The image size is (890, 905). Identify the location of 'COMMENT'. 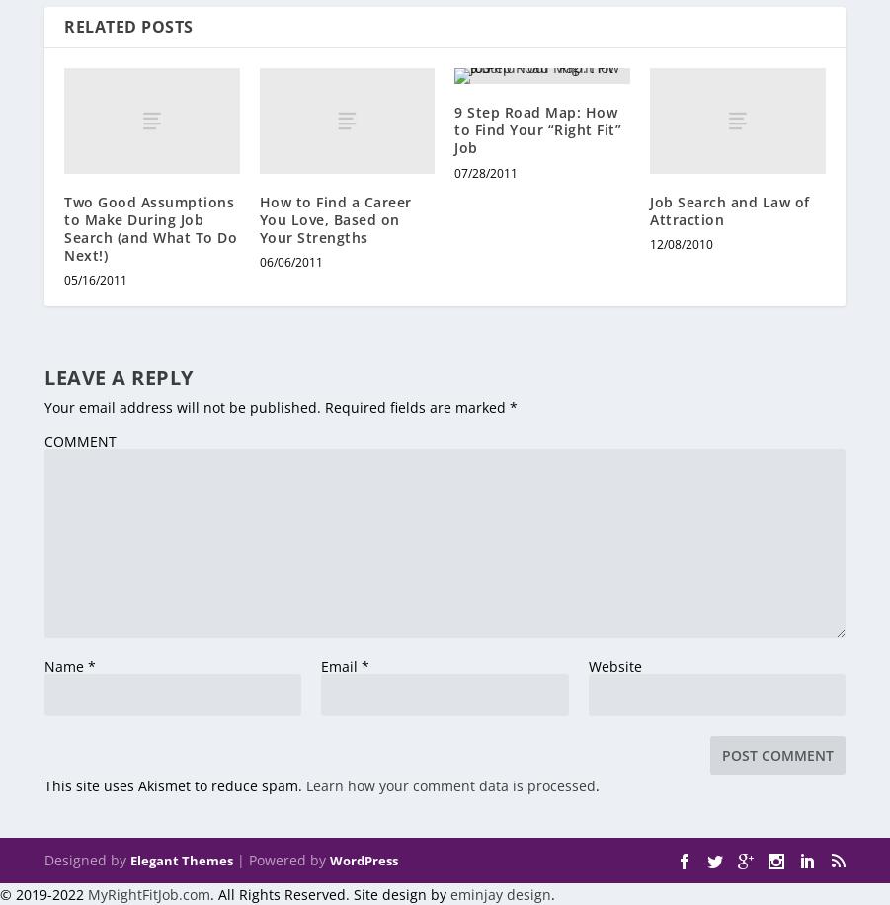
(42, 440).